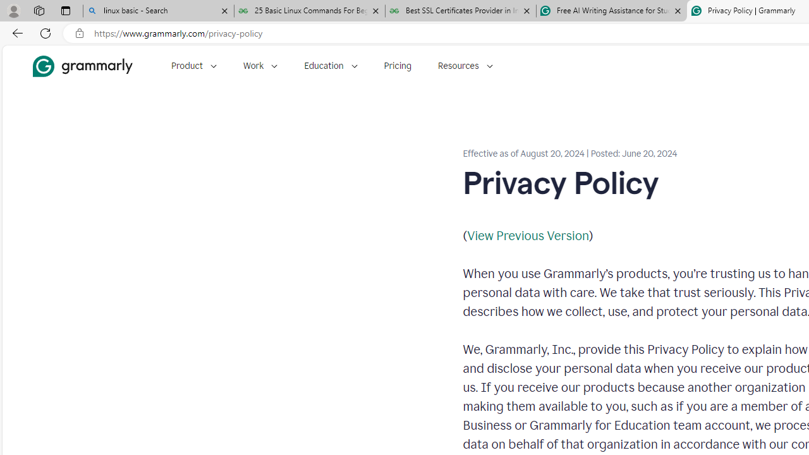  I want to click on 'Grammarly Home', so click(82, 66).